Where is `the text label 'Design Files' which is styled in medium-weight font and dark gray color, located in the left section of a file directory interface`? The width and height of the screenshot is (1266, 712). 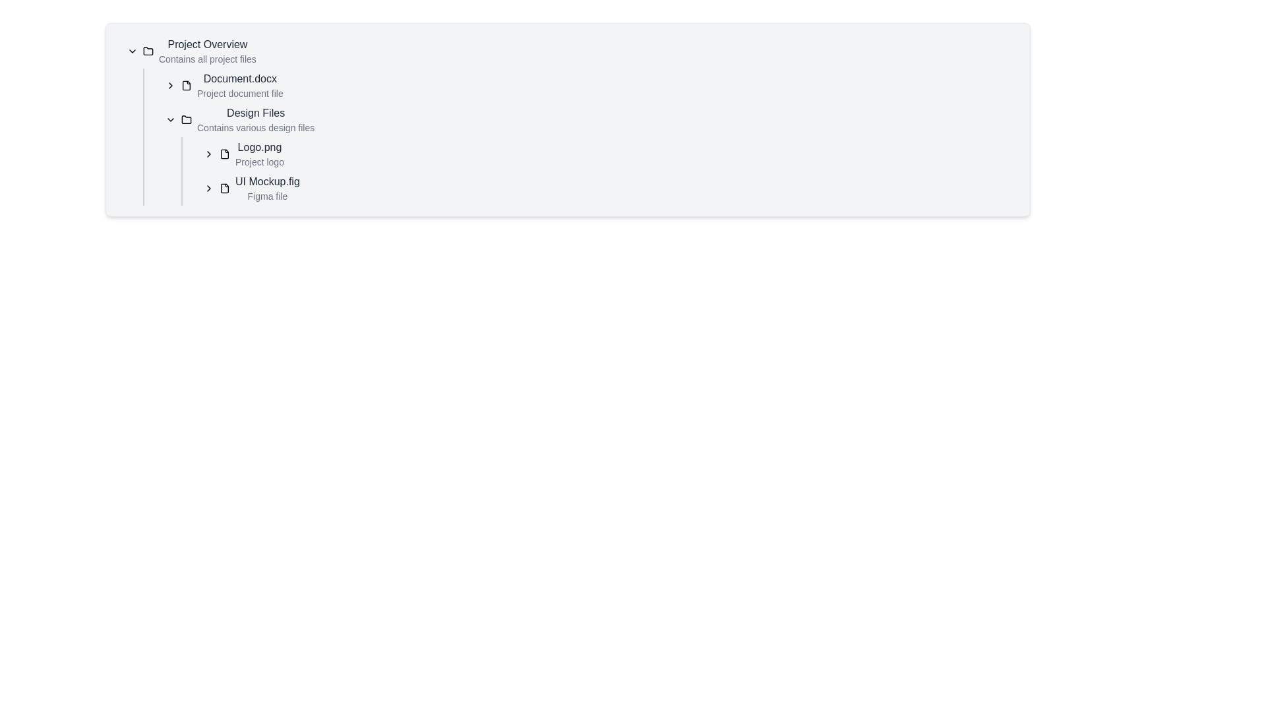 the text label 'Design Files' which is styled in medium-weight font and dark gray color, located in the left section of a file directory interface is located at coordinates (256, 113).